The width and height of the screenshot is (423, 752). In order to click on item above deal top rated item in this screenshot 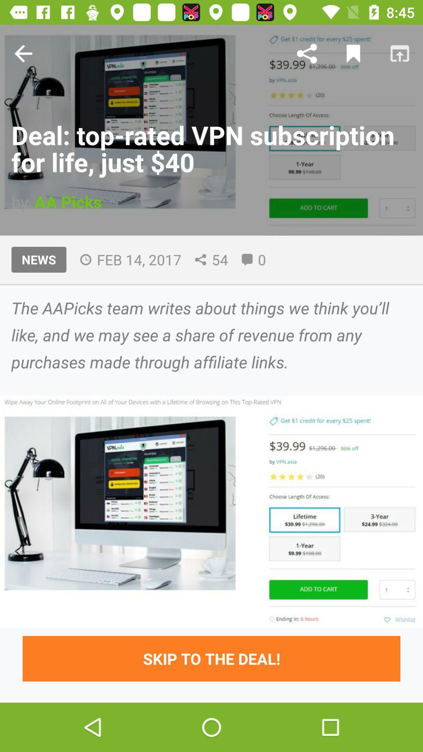, I will do `click(306, 53)`.